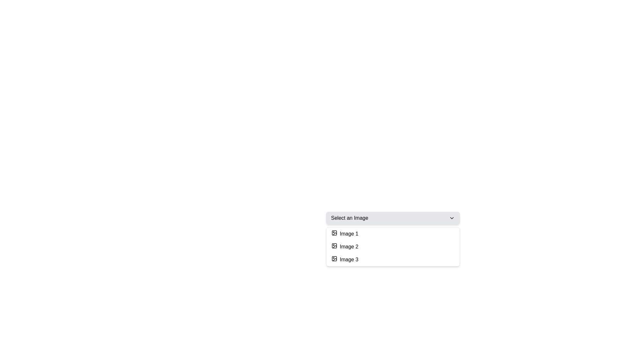 The height and width of the screenshot is (348, 618). What do you see at coordinates (392, 218) in the screenshot?
I see `the dropdown button located centrally near the bottom of the interface` at bounding box center [392, 218].